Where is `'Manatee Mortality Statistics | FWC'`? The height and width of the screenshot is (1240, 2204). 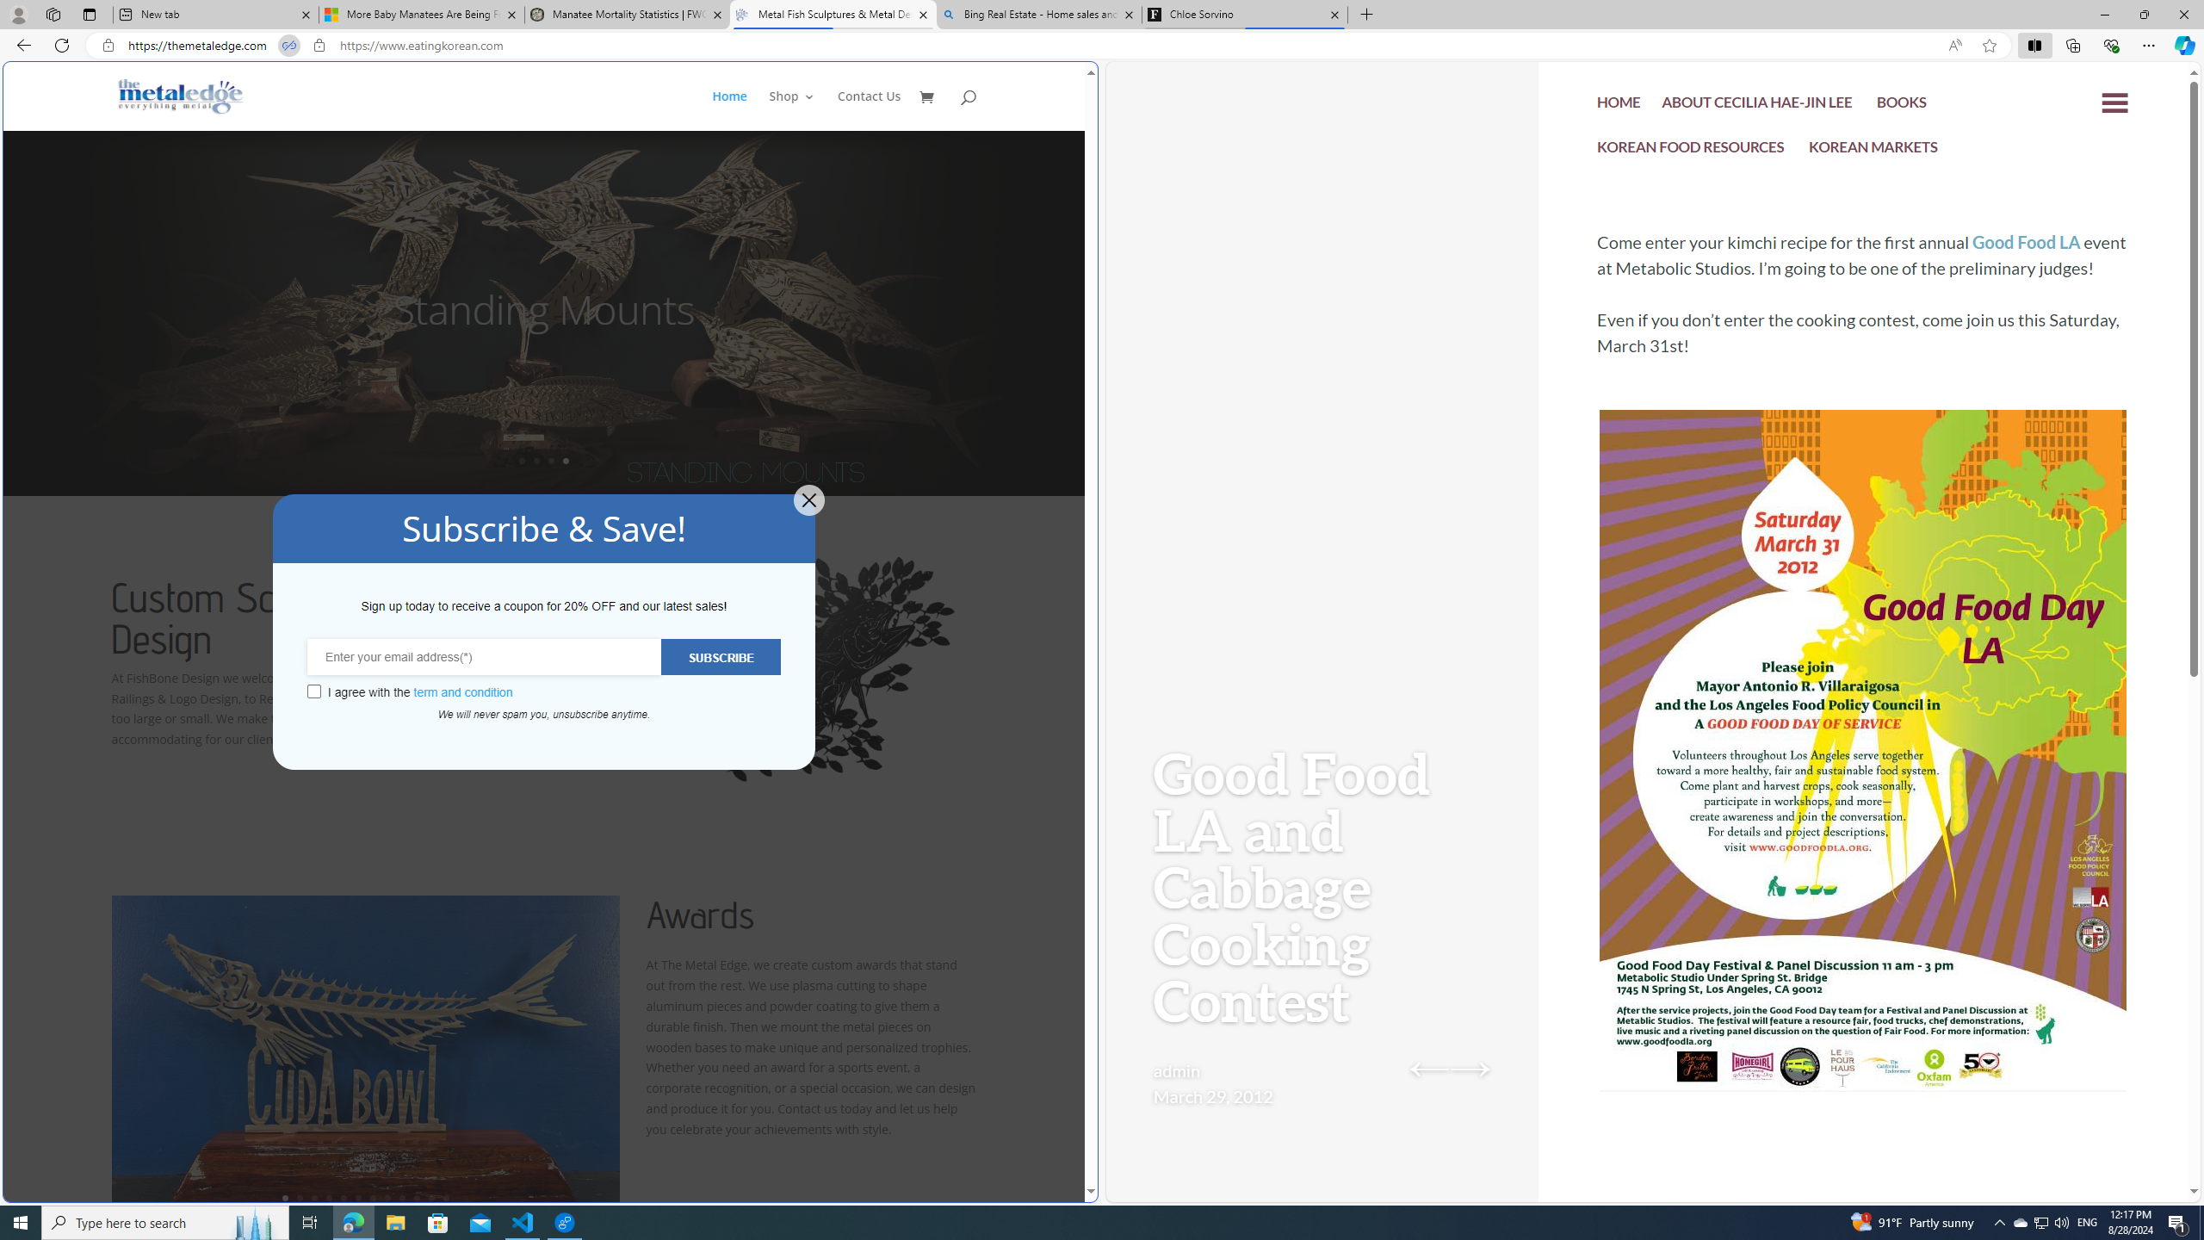
'Manatee Mortality Statistics | FWC' is located at coordinates (628, 14).